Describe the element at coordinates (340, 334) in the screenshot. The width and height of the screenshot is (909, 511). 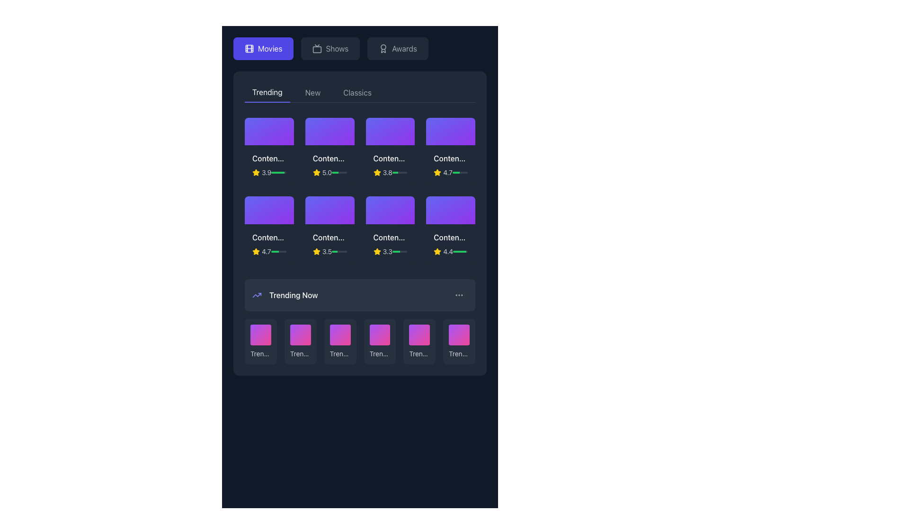
I see `the decorative square in the third position of the 'Trending Now' list, which visually represents a media entry` at that location.